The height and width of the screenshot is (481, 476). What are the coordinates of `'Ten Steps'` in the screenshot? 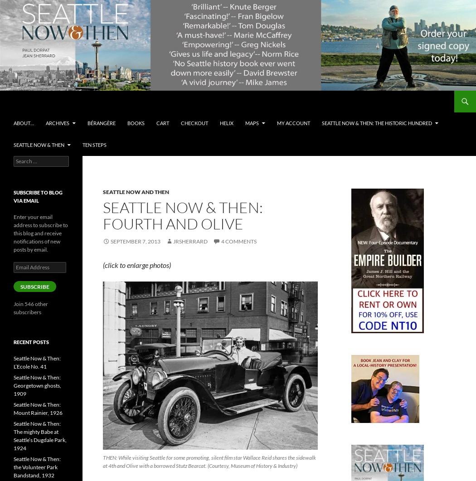 It's located at (94, 144).